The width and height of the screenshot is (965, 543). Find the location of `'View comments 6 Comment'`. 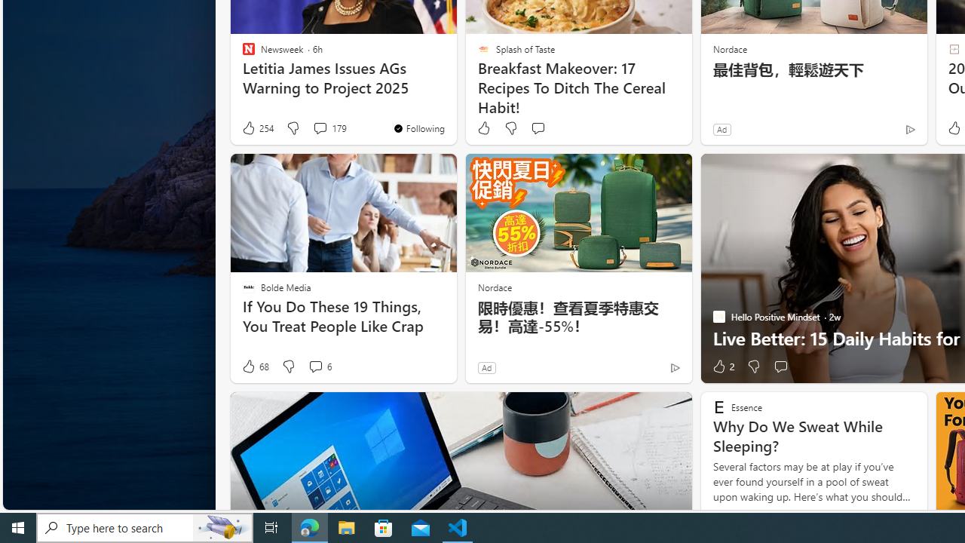

'View comments 6 Comment' is located at coordinates (314, 367).